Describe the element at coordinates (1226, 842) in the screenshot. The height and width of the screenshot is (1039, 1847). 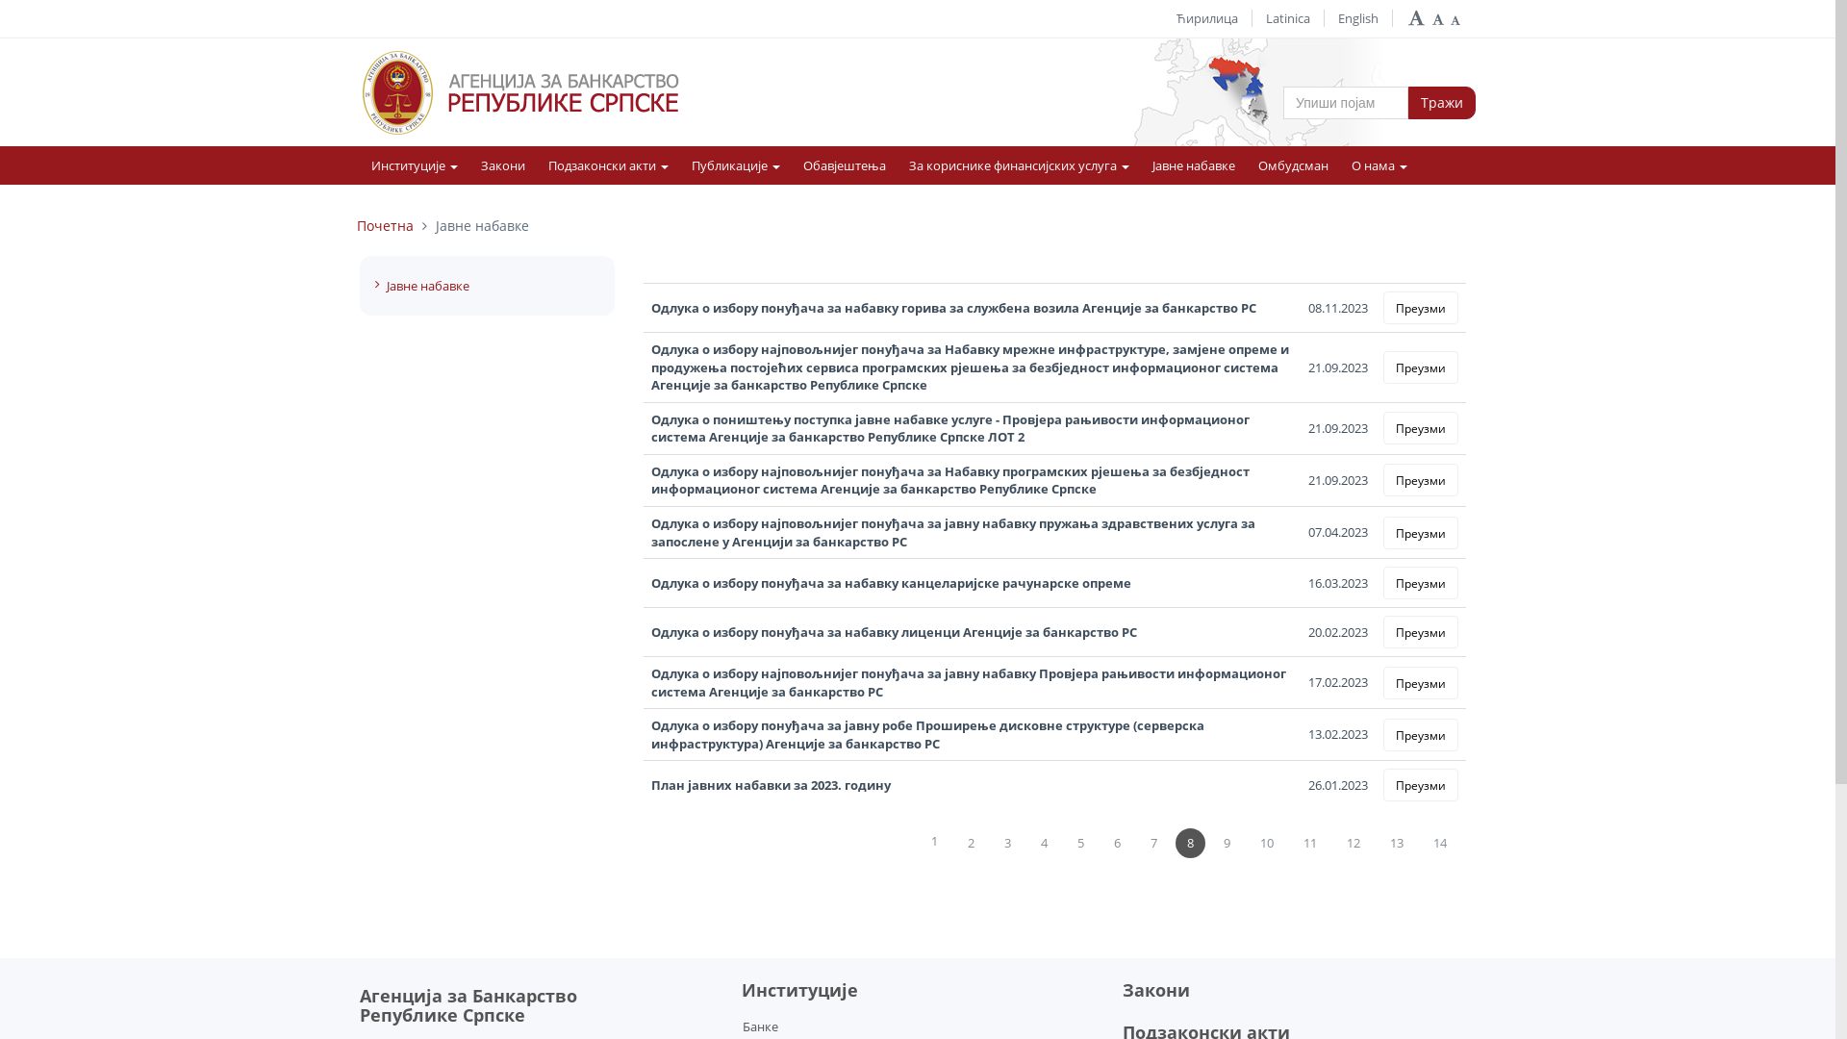
I see `'9'` at that location.